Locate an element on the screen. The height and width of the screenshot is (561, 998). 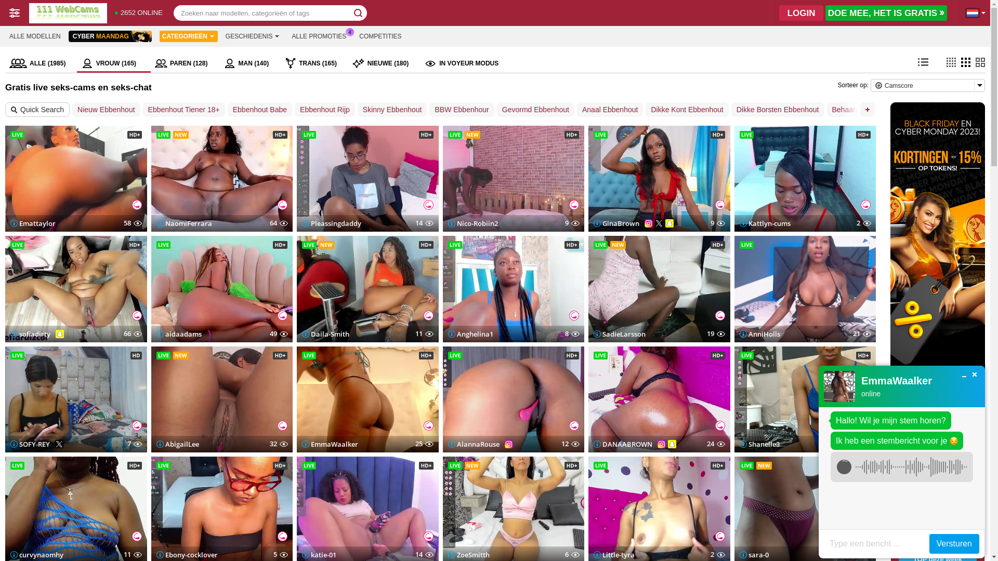
'Little-tyra' is located at coordinates (594, 554).